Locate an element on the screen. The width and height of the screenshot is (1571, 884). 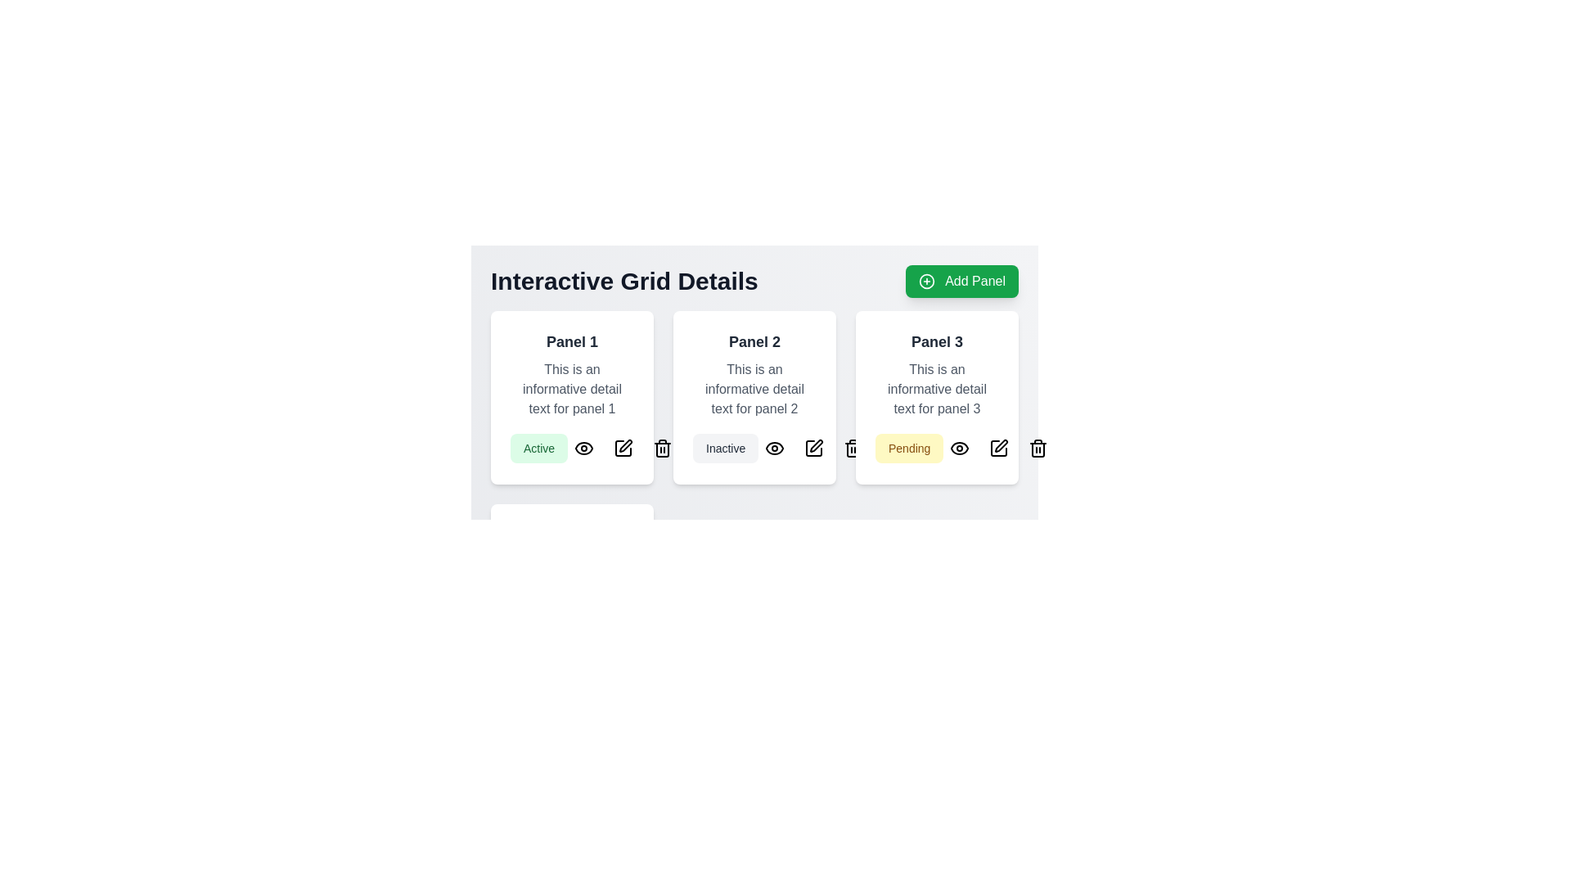
the eye icon button located at the bottom of 'Panel 3' is located at coordinates (960, 448).